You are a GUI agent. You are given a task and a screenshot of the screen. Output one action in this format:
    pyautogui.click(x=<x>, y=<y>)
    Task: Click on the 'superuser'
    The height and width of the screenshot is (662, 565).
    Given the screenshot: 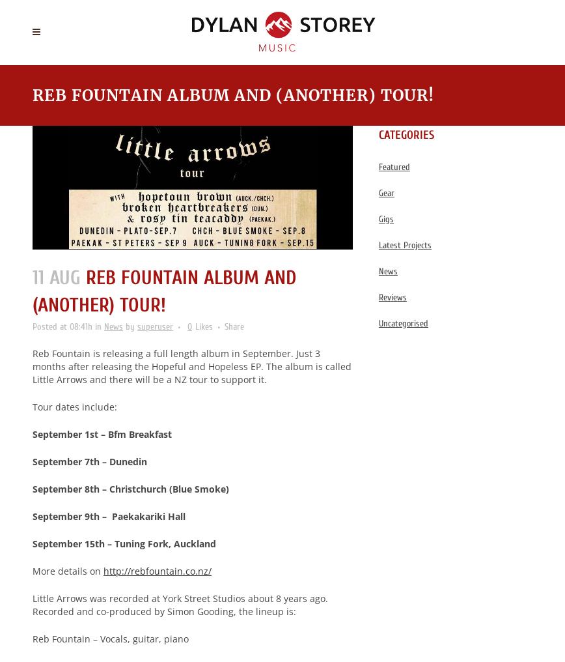 What is the action you would take?
    pyautogui.click(x=137, y=326)
    